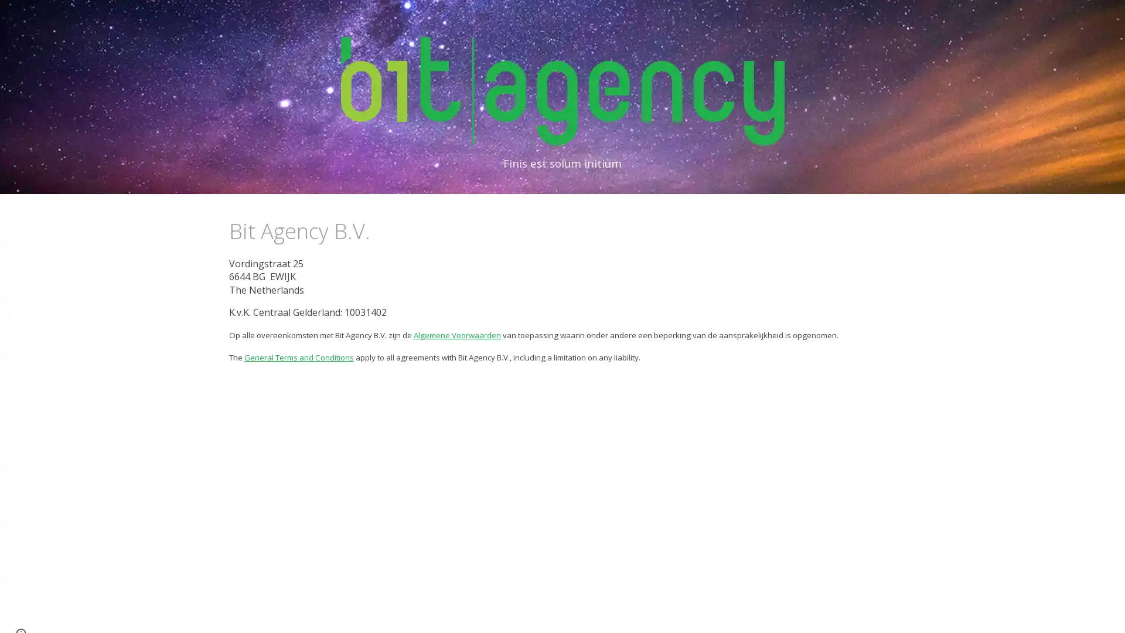  What do you see at coordinates (91, 612) in the screenshot?
I see `Report abuse` at bounding box center [91, 612].